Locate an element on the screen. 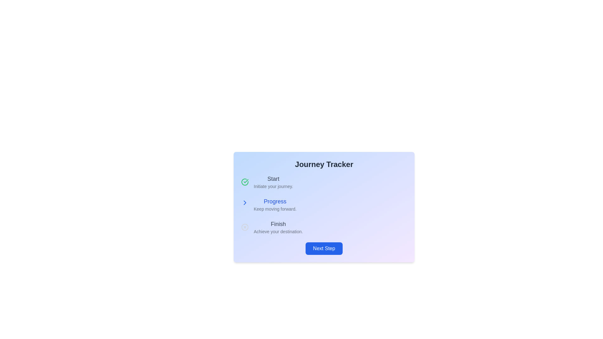 This screenshot has width=603, height=339. the arrows is located at coordinates (324, 204).